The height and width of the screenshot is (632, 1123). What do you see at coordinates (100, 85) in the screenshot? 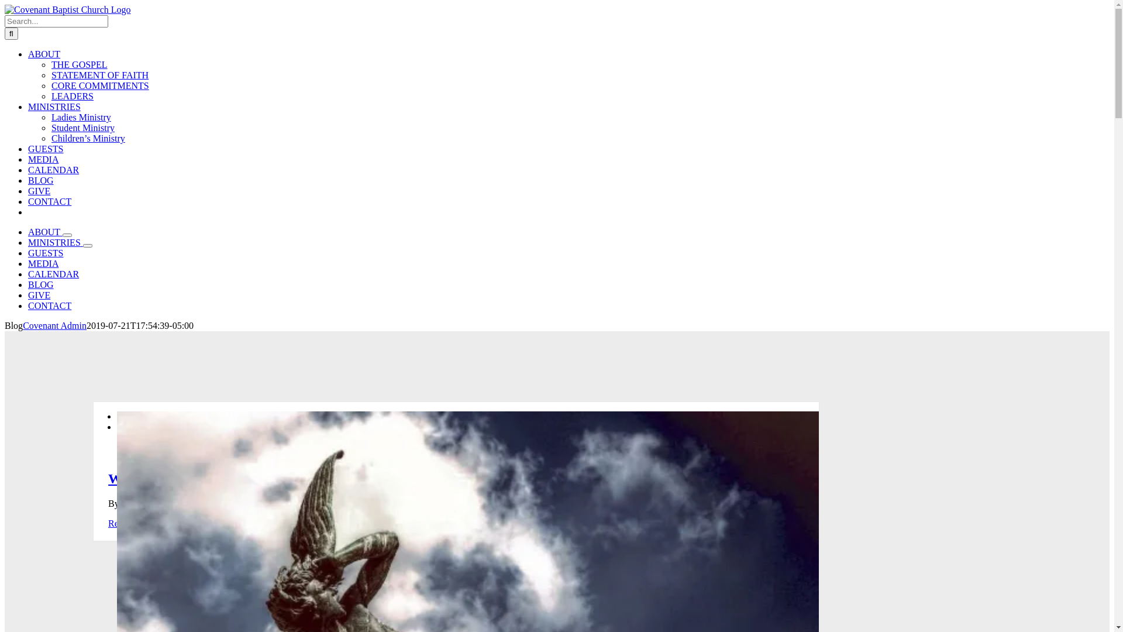
I see `'CORE COMMITMENTS'` at bounding box center [100, 85].